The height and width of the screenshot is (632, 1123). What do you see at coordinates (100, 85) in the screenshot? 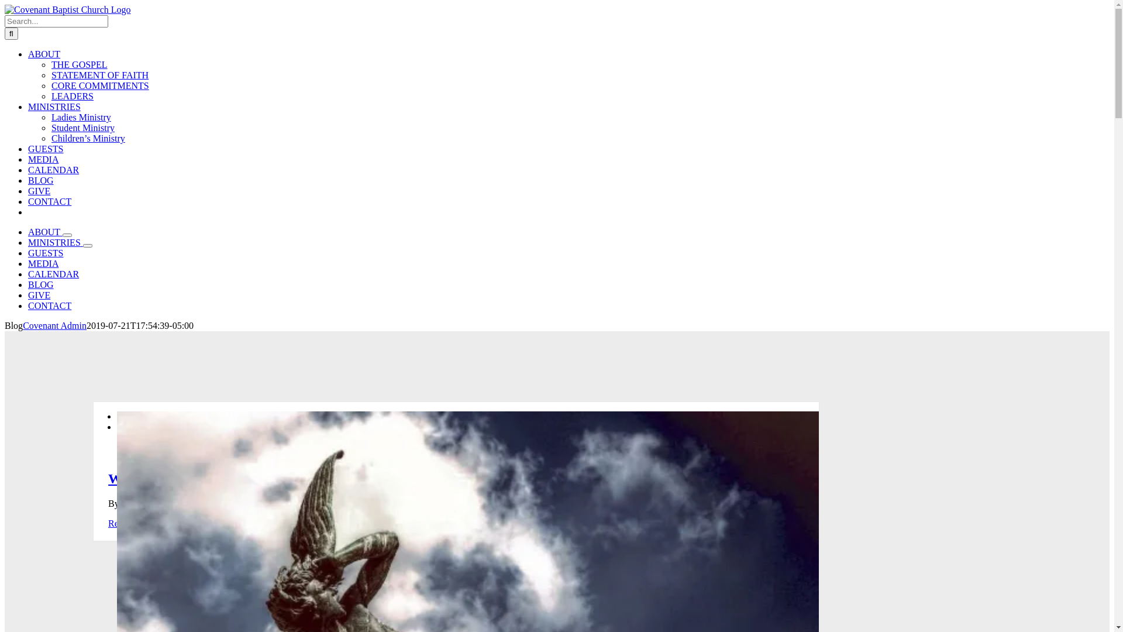
I see `'CORE COMMITMENTS'` at bounding box center [100, 85].